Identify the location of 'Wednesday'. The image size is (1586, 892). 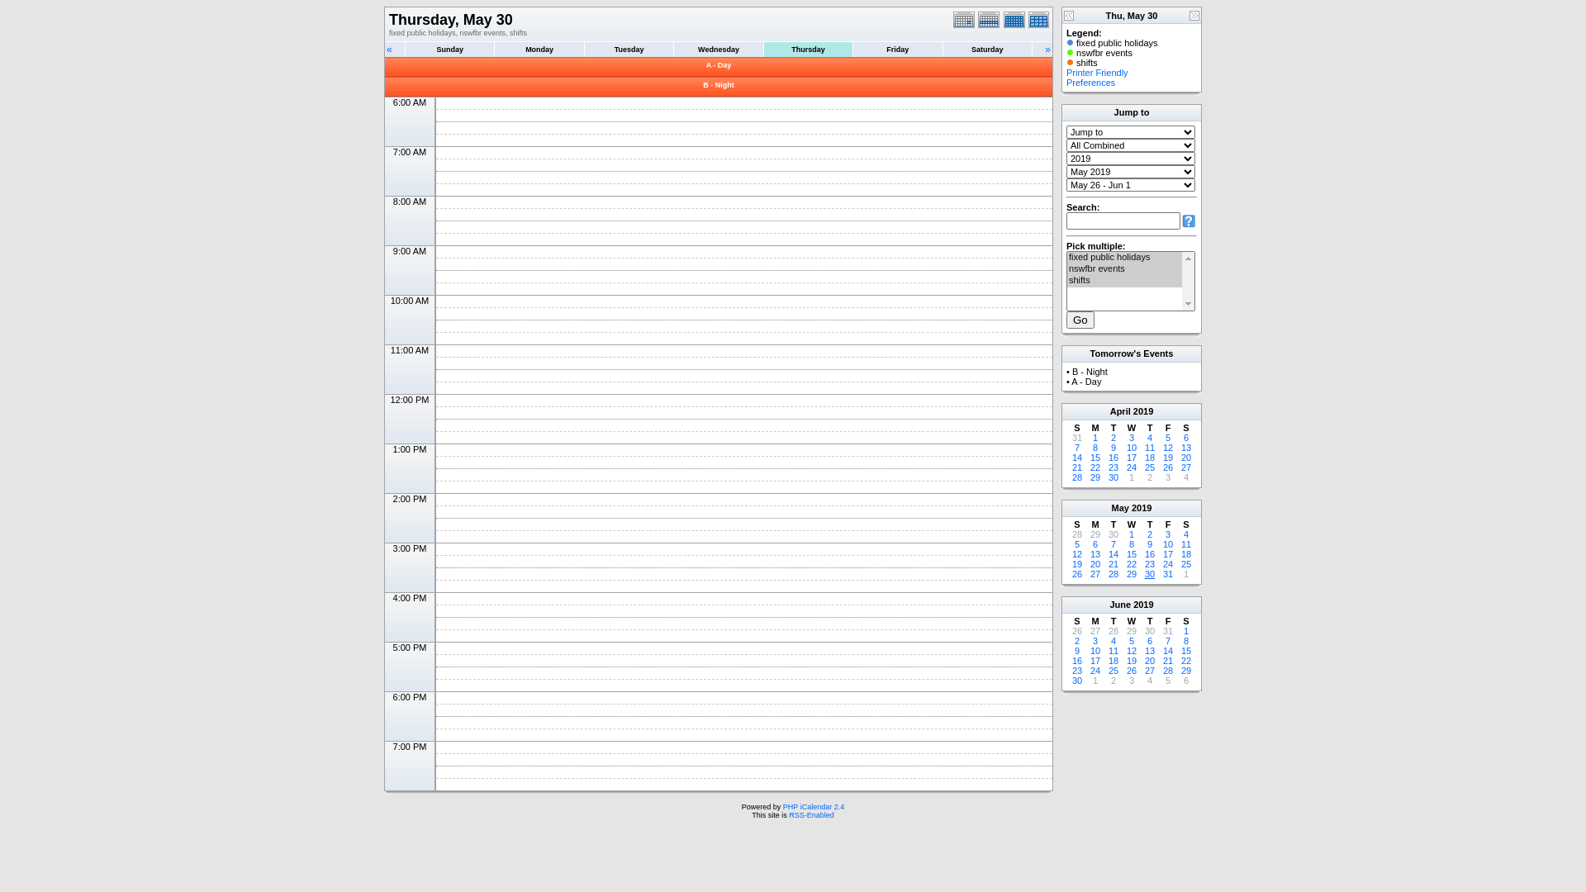
(673, 48).